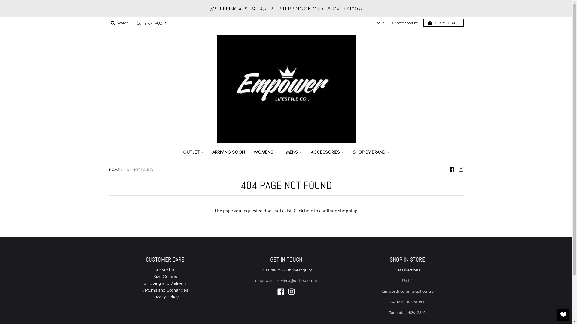 This screenshot has height=324, width=577. What do you see at coordinates (151, 296) in the screenshot?
I see `'Privacy Policy'` at bounding box center [151, 296].